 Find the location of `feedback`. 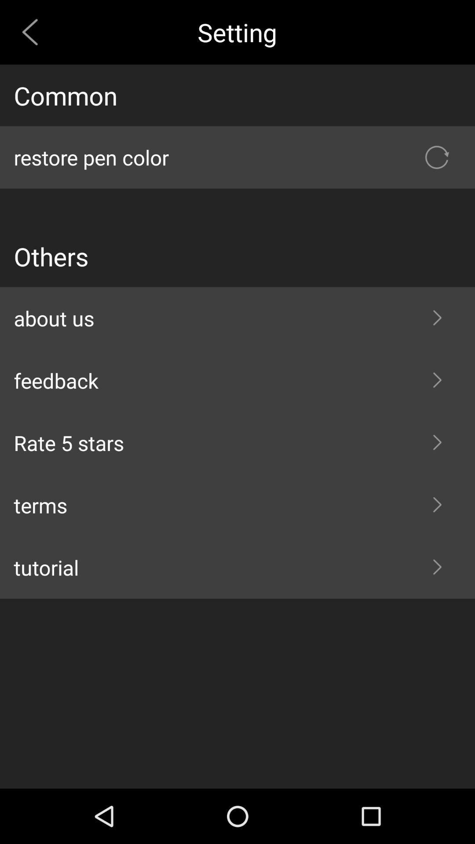

feedback is located at coordinates (237, 380).